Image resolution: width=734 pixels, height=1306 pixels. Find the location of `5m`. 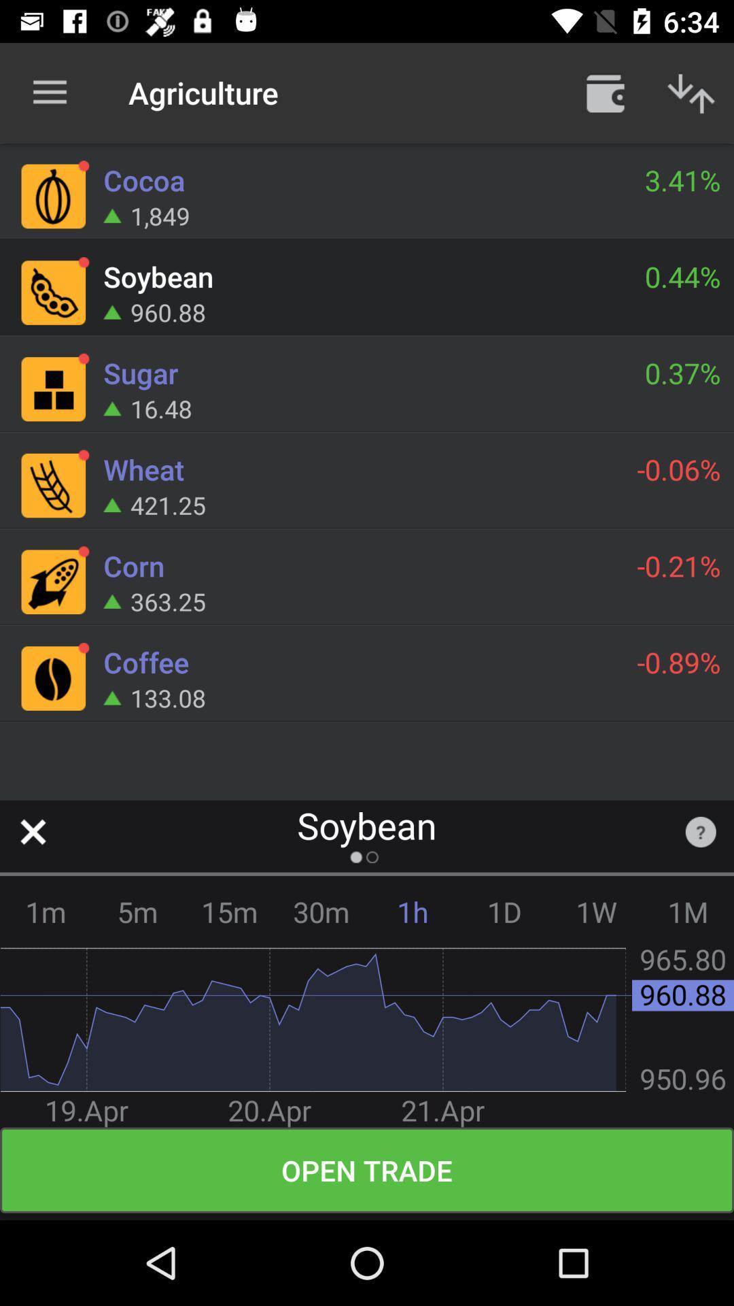

5m is located at coordinates (137, 911).